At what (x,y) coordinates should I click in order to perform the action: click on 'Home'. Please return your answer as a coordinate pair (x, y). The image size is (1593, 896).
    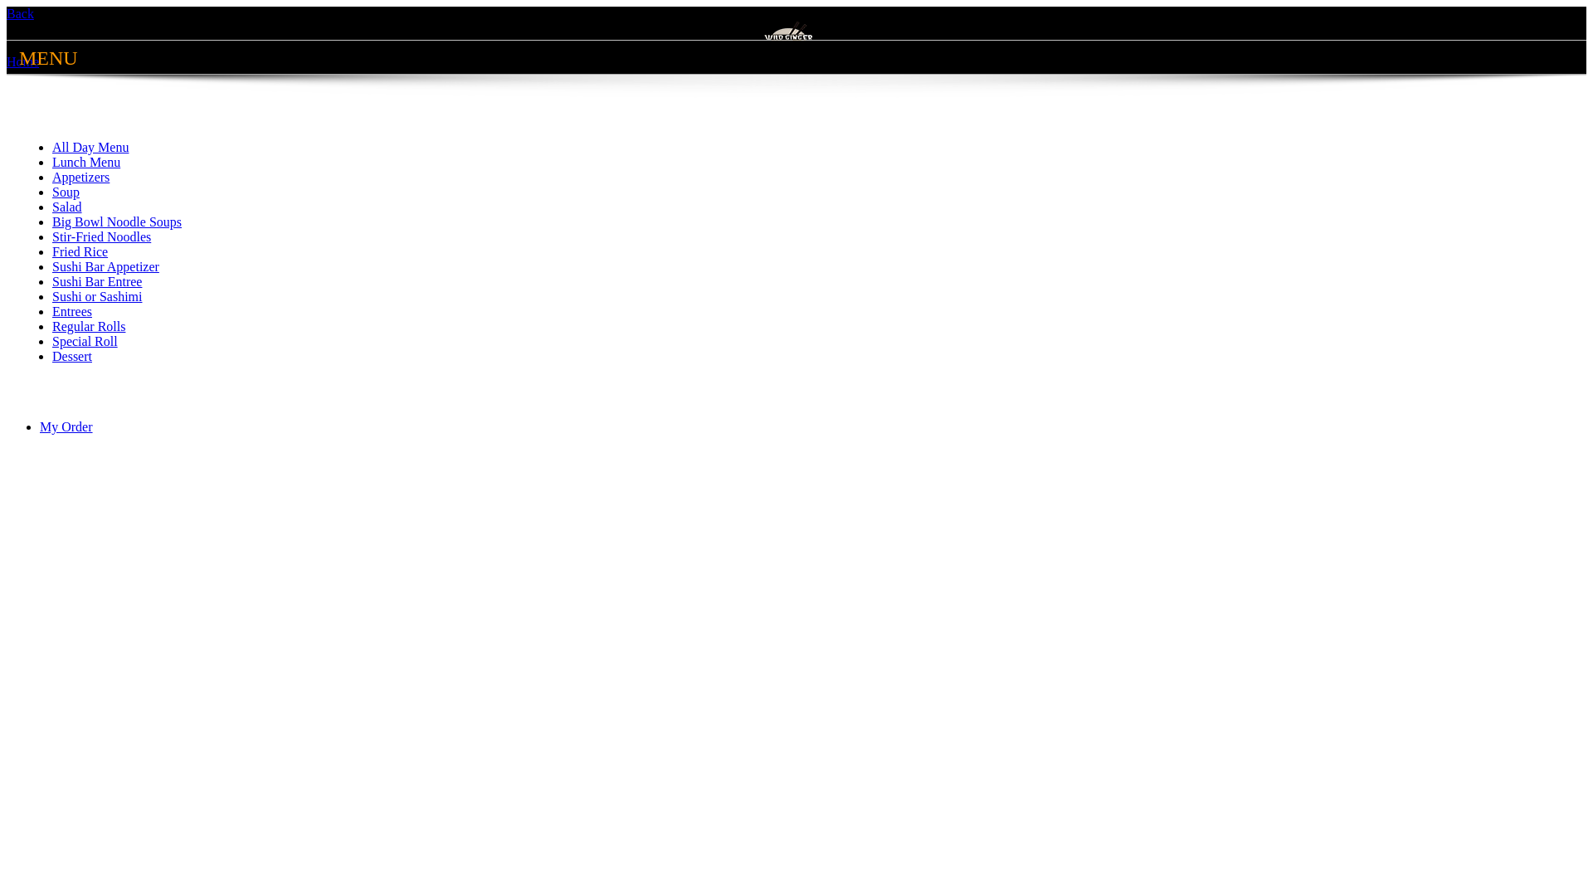
    Looking at the image, I should click on (7, 61).